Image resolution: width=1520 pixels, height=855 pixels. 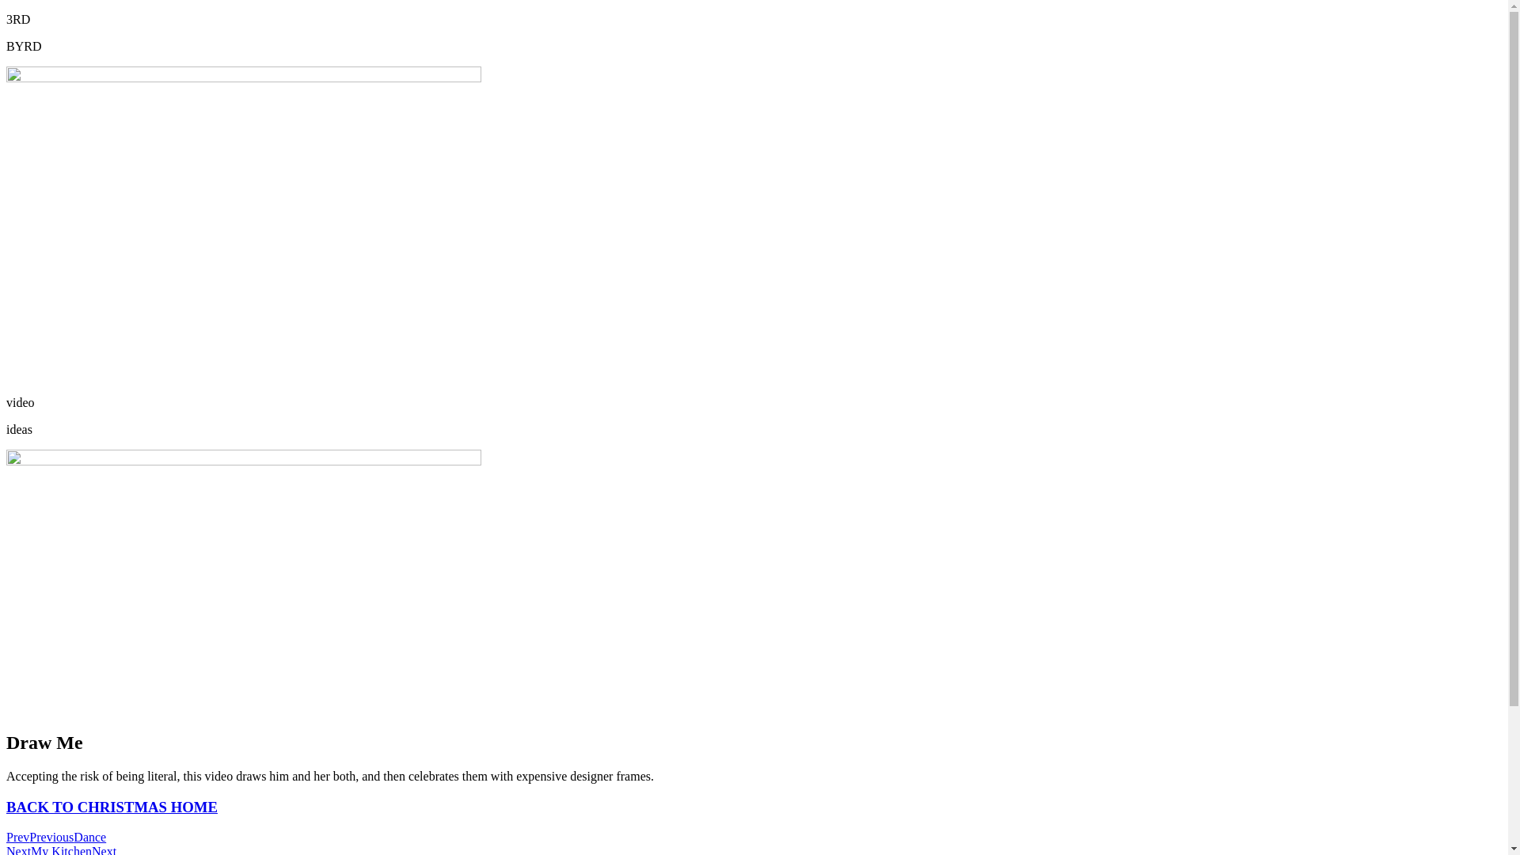 What do you see at coordinates (111, 807) in the screenshot?
I see `'BACK TO CHRISTMAS HOME'` at bounding box center [111, 807].